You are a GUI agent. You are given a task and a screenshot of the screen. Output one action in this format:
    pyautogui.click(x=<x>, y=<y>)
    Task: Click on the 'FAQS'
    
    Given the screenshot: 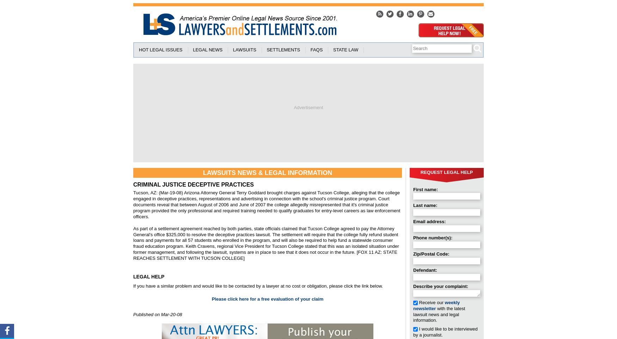 What is the action you would take?
    pyautogui.click(x=316, y=49)
    